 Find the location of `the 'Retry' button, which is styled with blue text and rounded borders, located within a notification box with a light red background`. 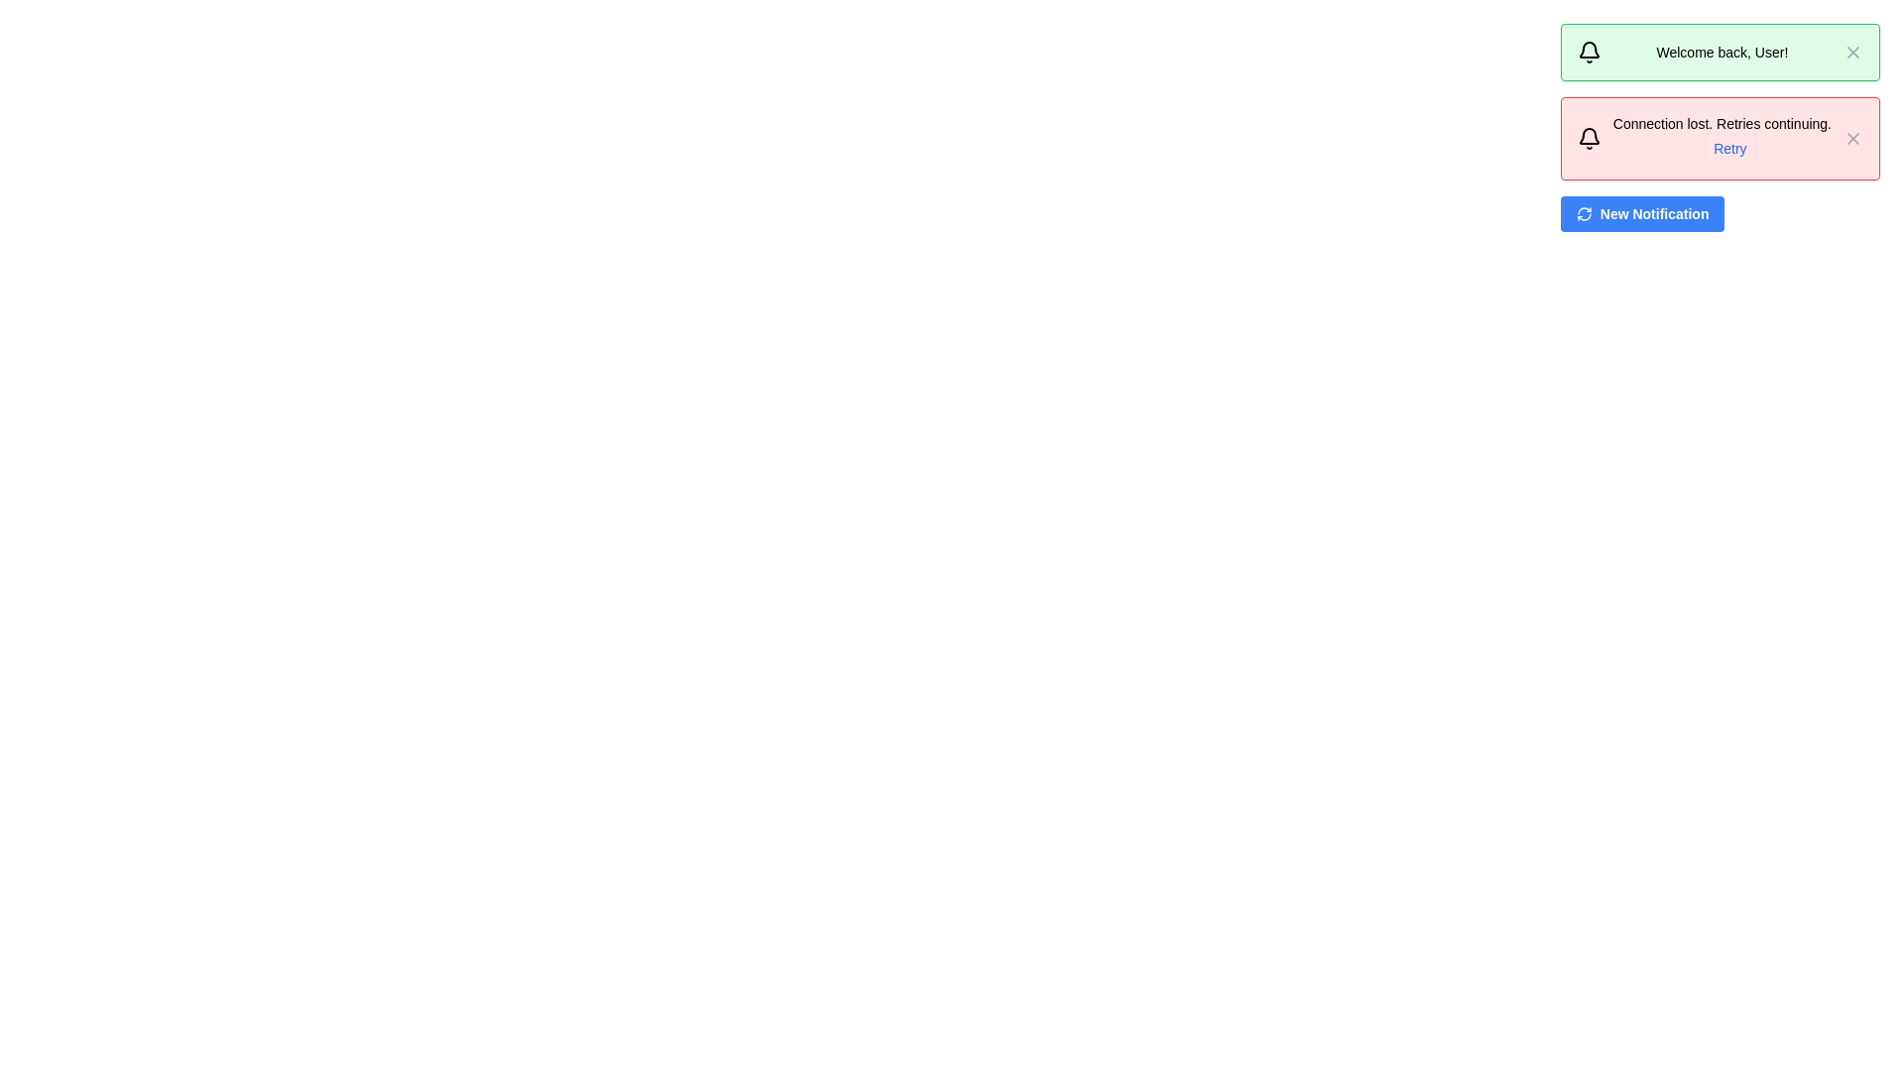

the 'Retry' button, which is styled with blue text and rounded borders, located within a notification box with a light red background is located at coordinates (1728, 148).